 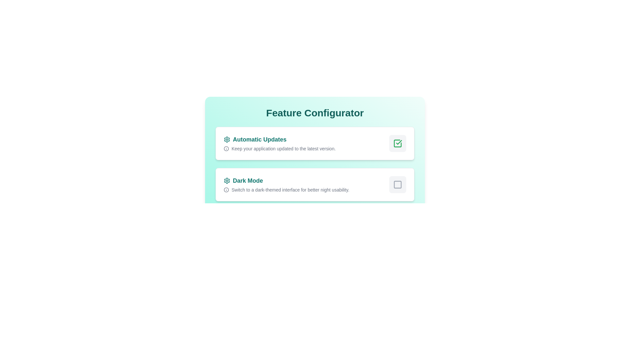 I want to click on the information icon styled as a circle with an 'i' in its center, located to the immediate left of the text 'Keep your application updated to the latest version' in the 'Feature Configurator' section for more info, so click(x=226, y=149).